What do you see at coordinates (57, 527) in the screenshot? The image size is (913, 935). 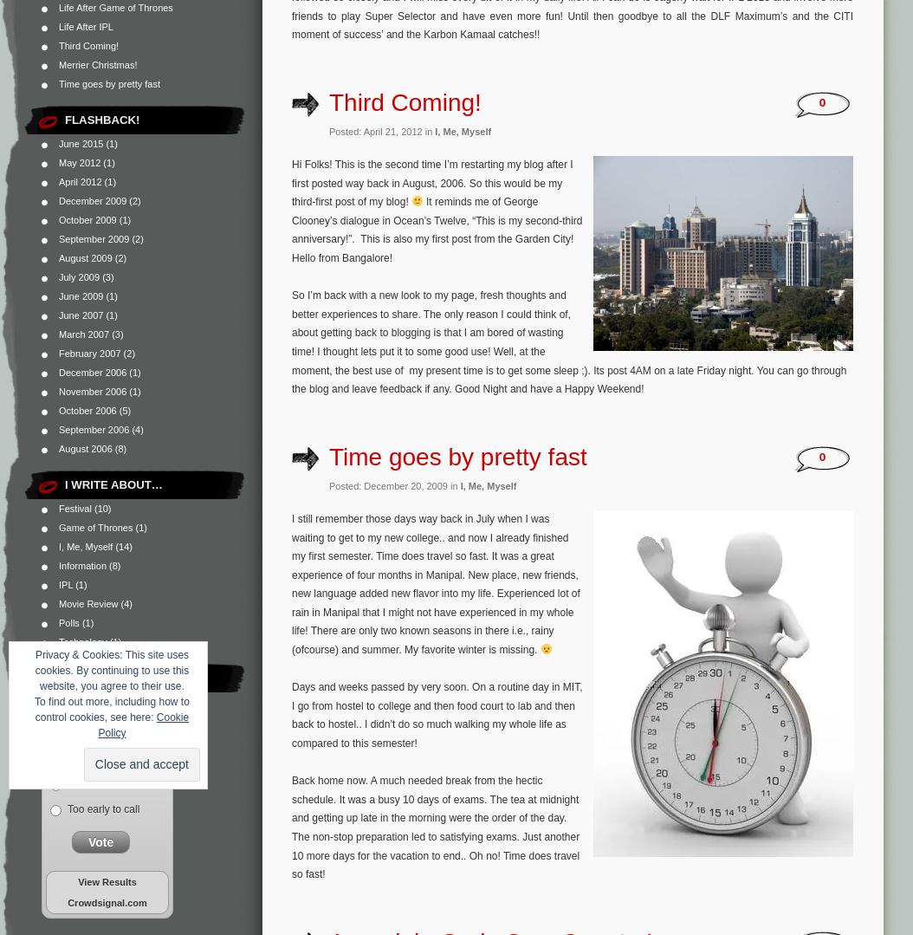 I see `'Game of Thrones'` at bounding box center [57, 527].